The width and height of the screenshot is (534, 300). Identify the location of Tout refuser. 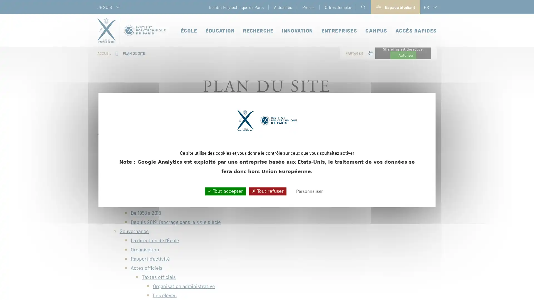
(267, 191).